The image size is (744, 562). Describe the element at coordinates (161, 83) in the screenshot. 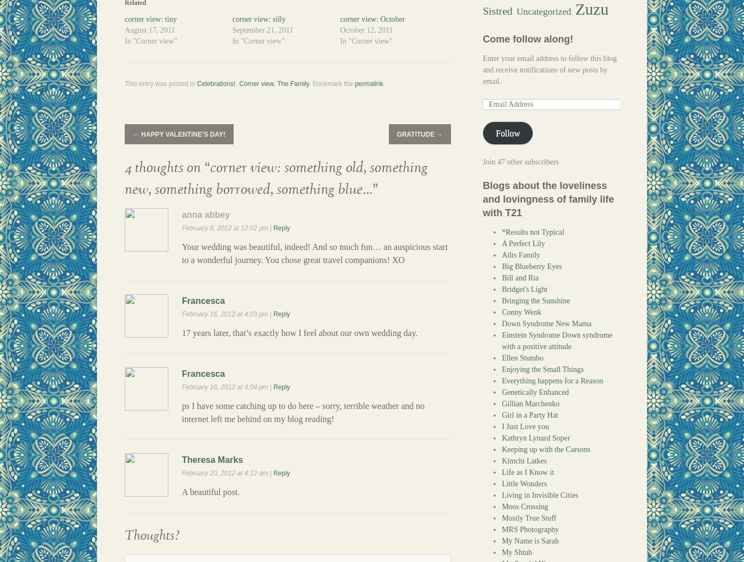

I see `'This entry was posted in'` at that location.